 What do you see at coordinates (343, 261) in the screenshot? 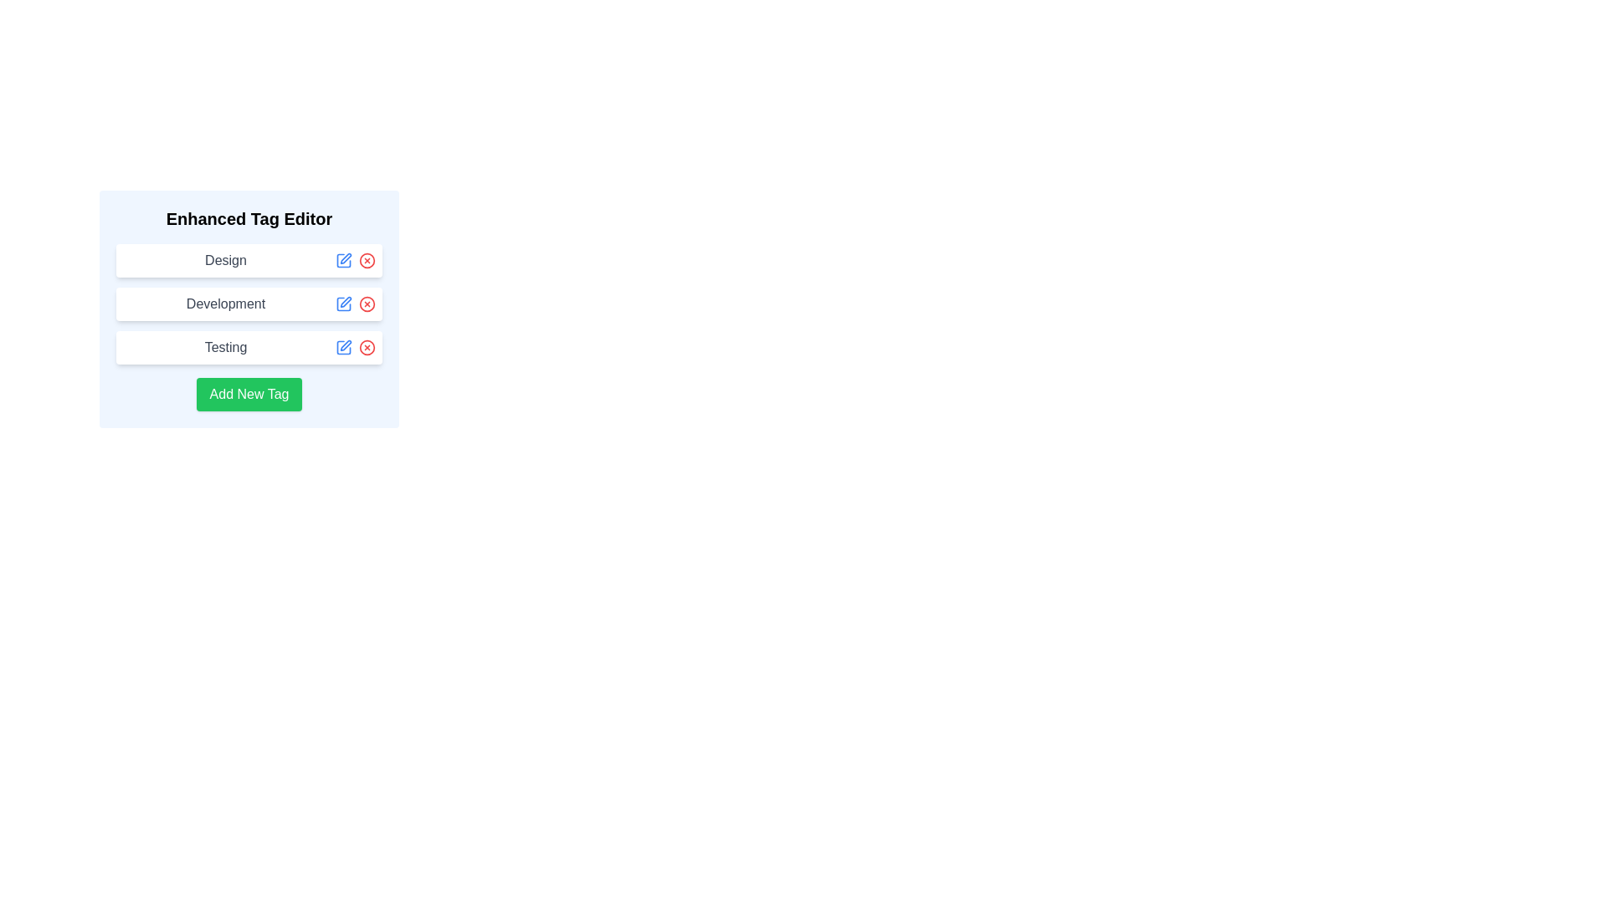
I see `the small blue pen icon located to the right of the 'Design' text in the first row of the list to initiate editing` at bounding box center [343, 261].